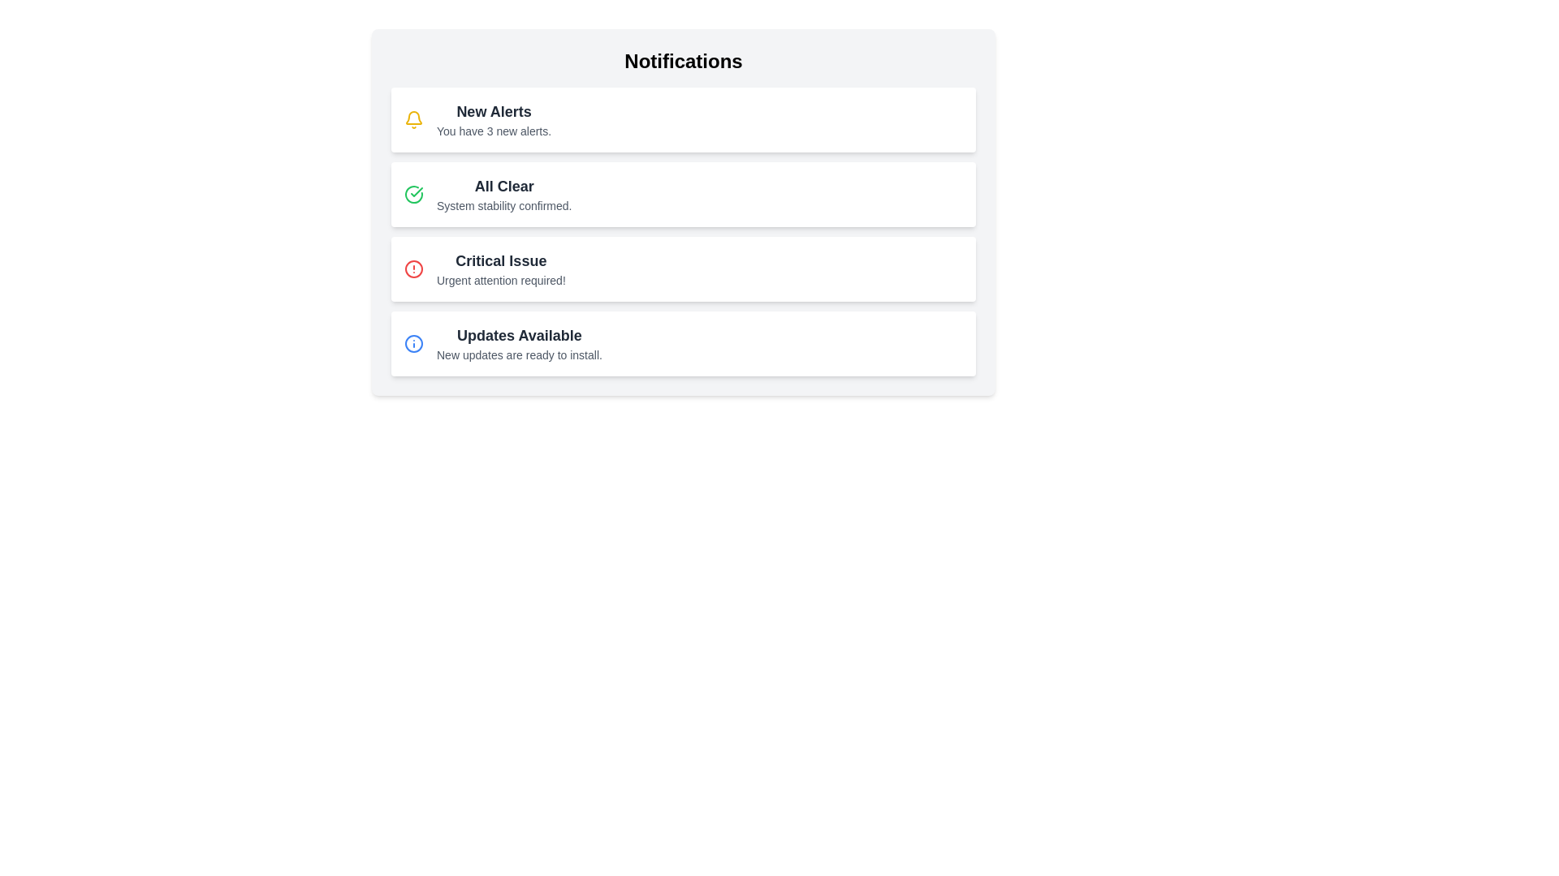  I want to click on bold text label saying 'New Alerts' that is prominently displayed in dark gray at the top left corner of the notification card, so click(493, 111).